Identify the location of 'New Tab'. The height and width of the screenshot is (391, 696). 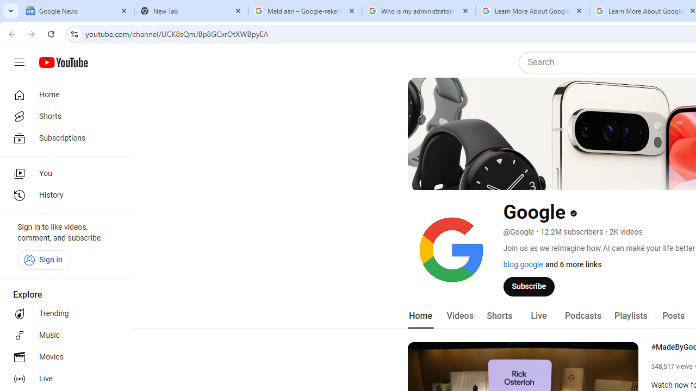
(191, 11).